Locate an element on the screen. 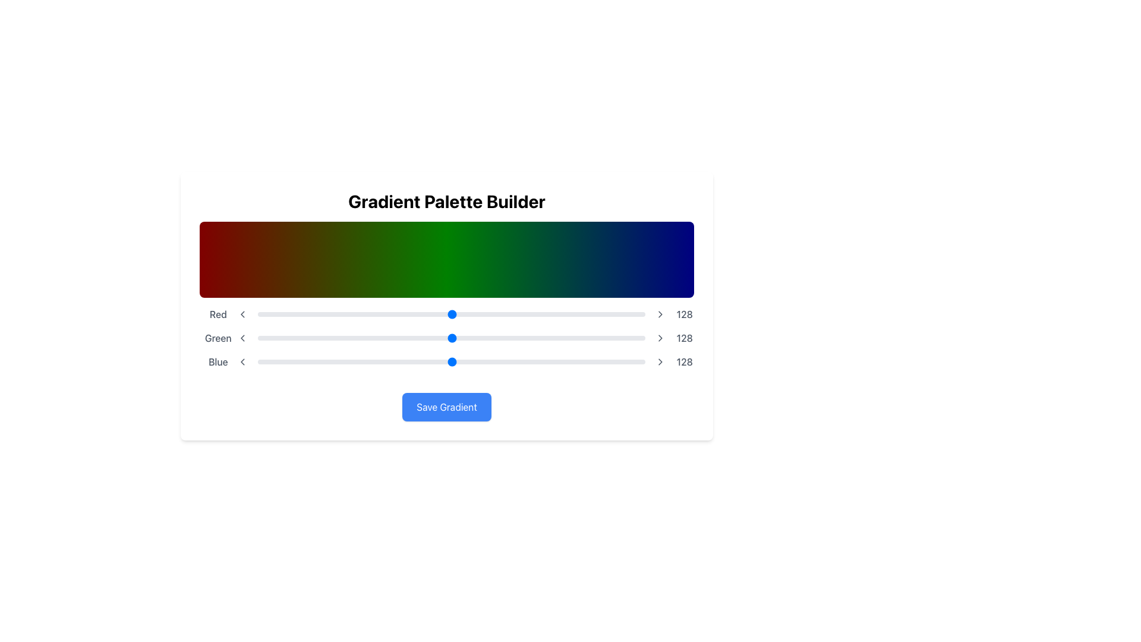 The width and height of the screenshot is (1141, 642). the blue component range slider to set focus, located below the Red and Green sliders and to the left of the numeric display showing '128' is located at coordinates (450, 361).